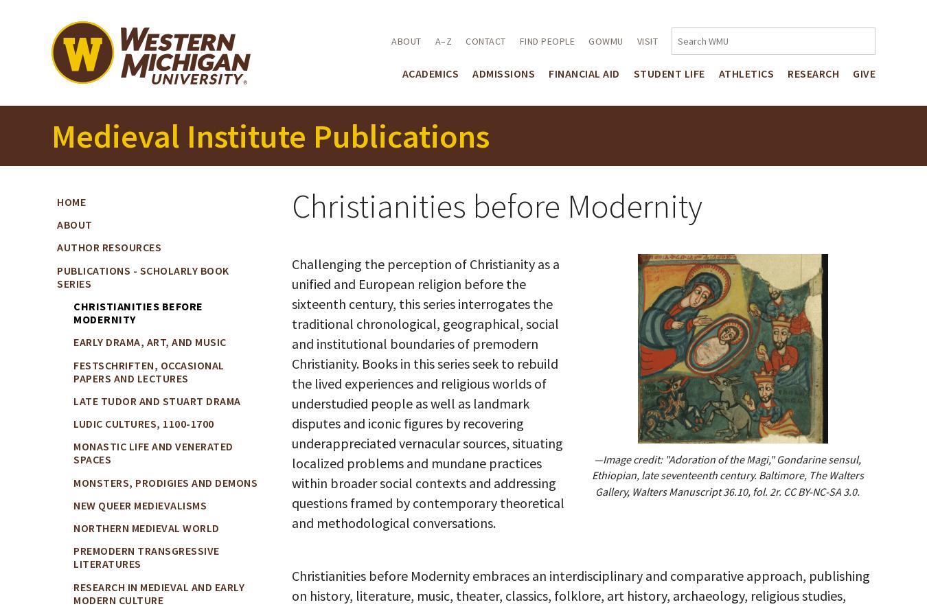 This screenshot has width=927, height=609. Describe the element at coordinates (73, 341) in the screenshot. I see `'Early Drama, Art, and Music'` at that location.